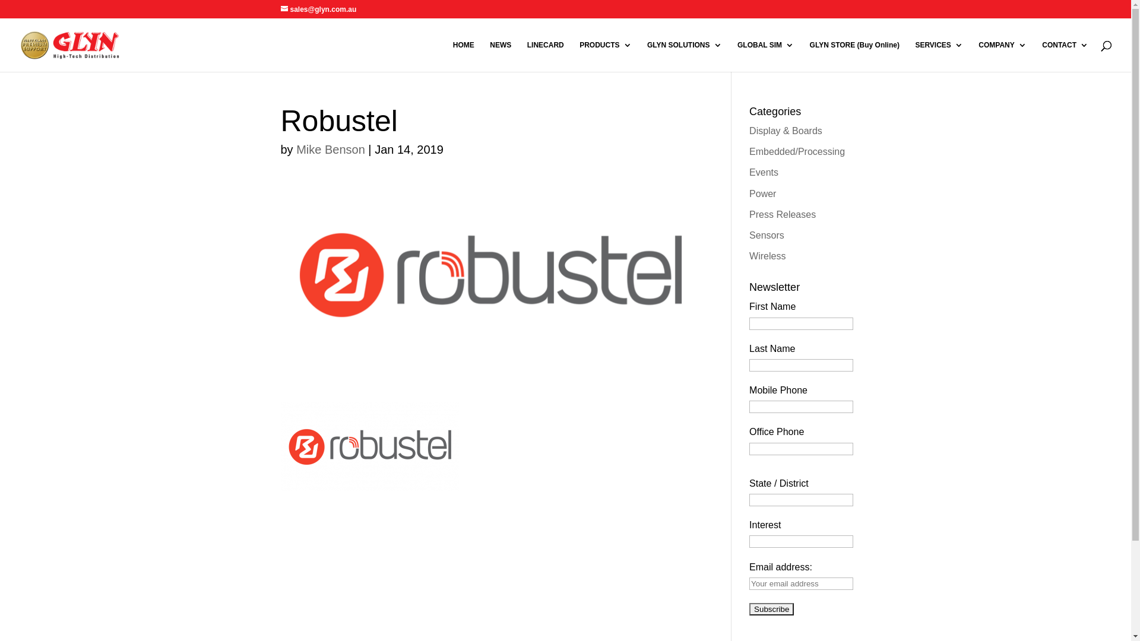 This screenshot has height=641, width=1140. I want to click on 'Subscribe', so click(771, 609).